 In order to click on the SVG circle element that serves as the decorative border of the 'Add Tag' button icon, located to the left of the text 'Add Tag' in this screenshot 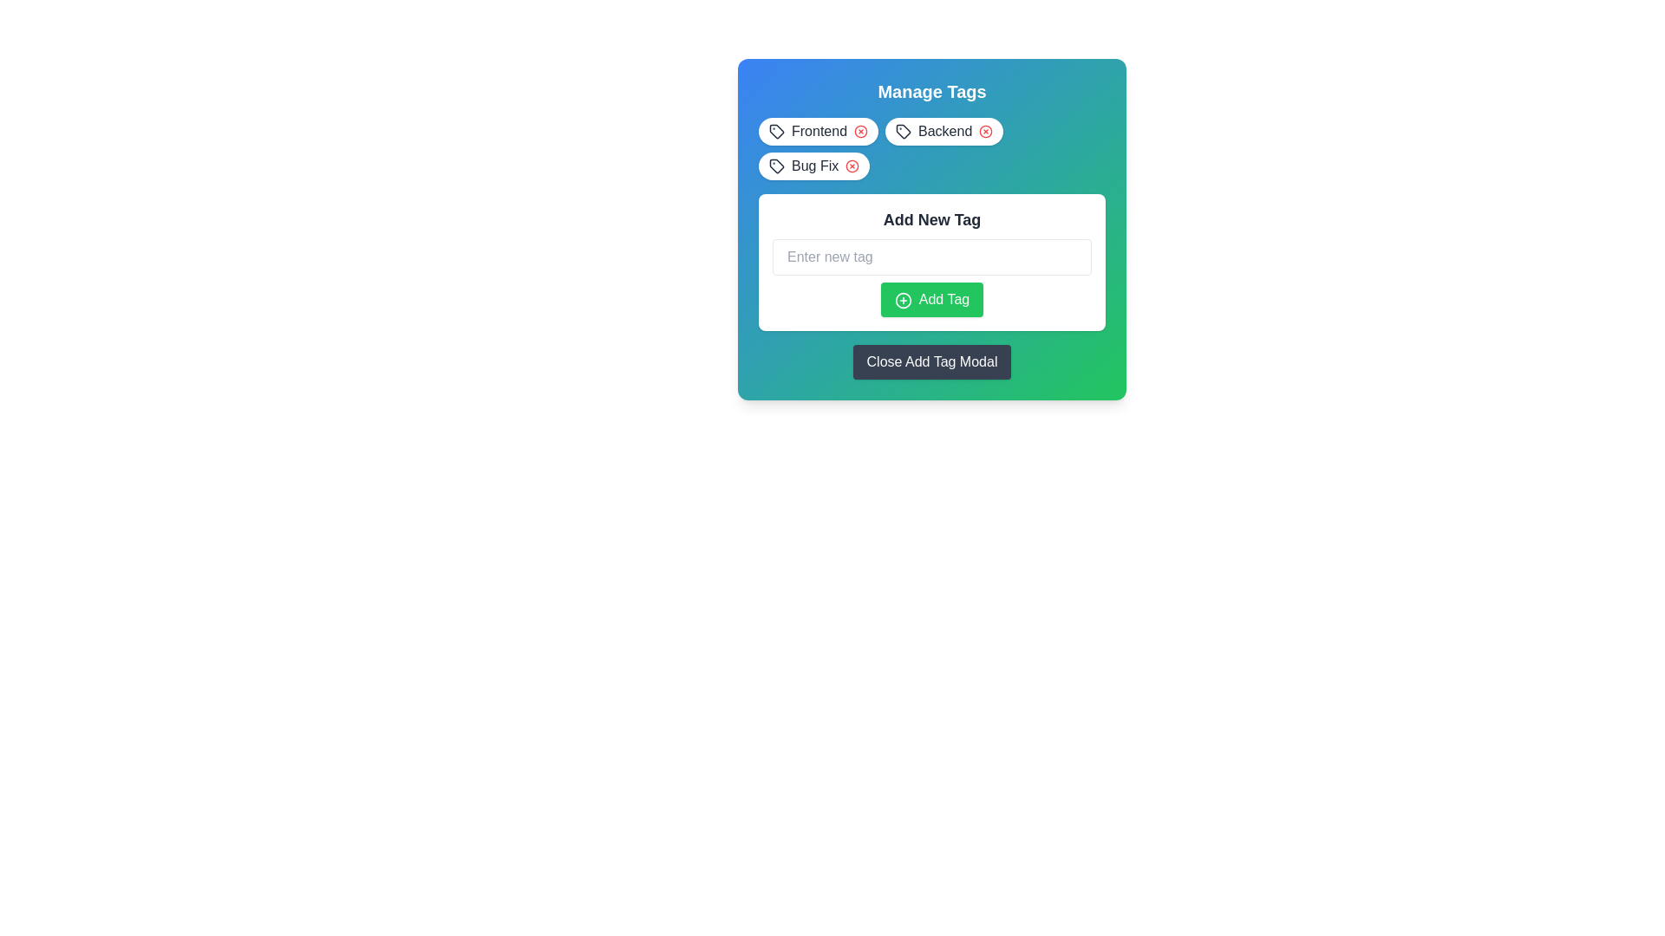, I will do `click(902, 299)`.